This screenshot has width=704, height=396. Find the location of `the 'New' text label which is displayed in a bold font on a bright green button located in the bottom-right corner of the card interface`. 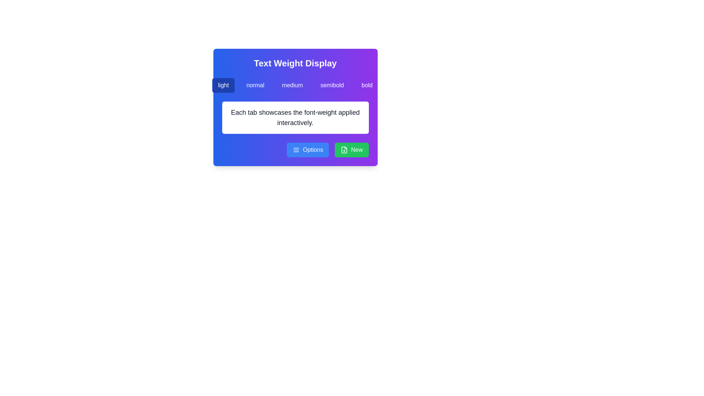

the 'New' text label which is displayed in a bold font on a bright green button located in the bottom-right corner of the card interface is located at coordinates (357, 149).